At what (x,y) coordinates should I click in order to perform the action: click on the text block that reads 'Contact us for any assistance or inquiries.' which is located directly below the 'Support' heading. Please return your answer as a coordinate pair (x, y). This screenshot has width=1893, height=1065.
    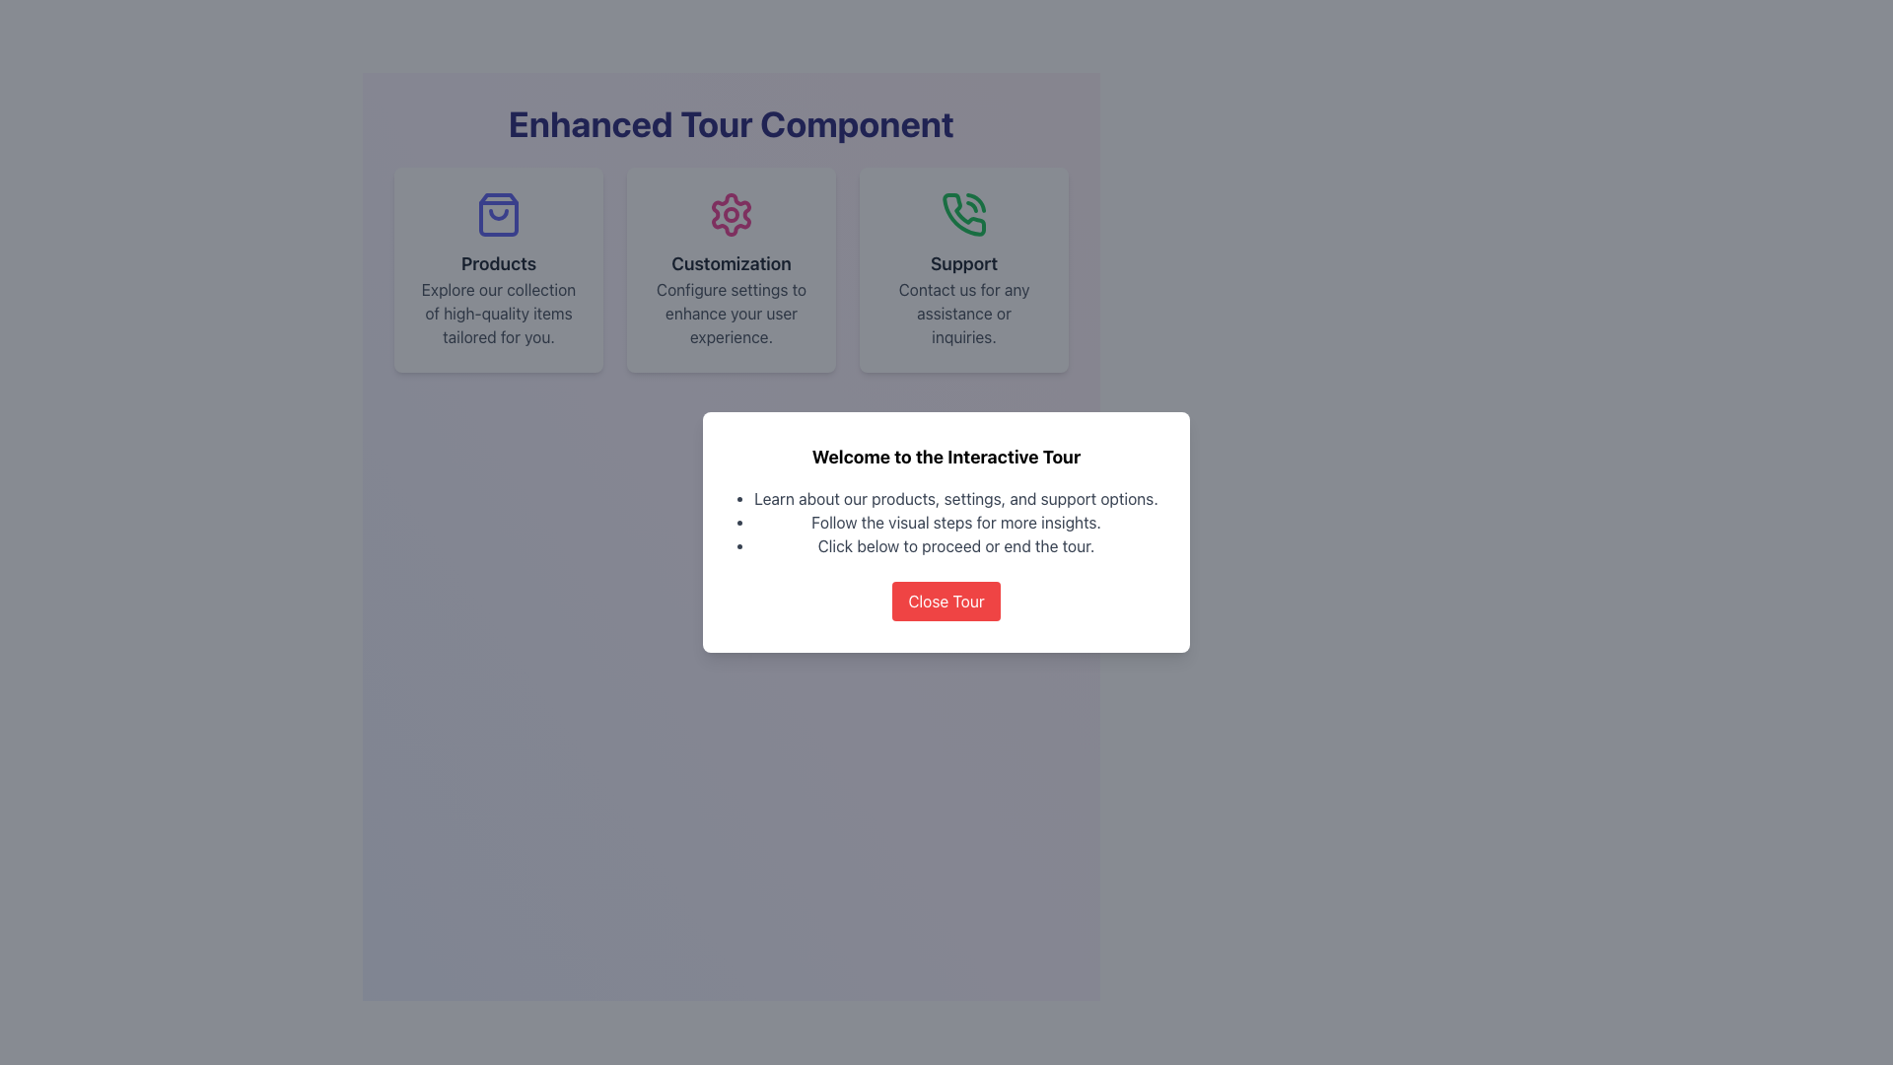
    Looking at the image, I should click on (964, 312).